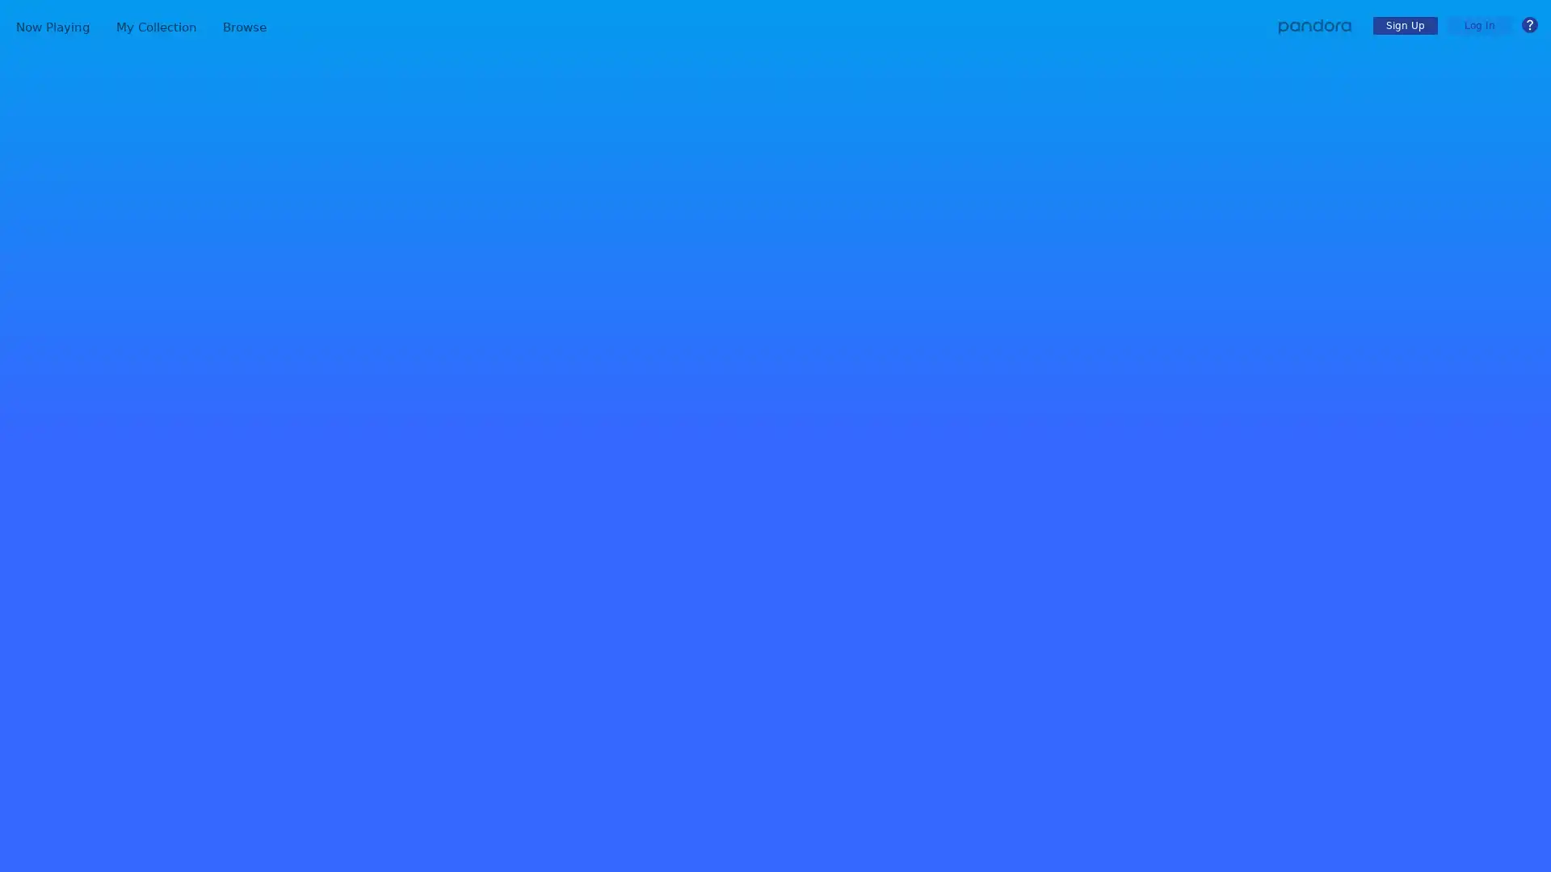 The width and height of the screenshot is (1551, 872). What do you see at coordinates (1338, 335) in the screenshot?
I see `53:29` at bounding box center [1338, 335].